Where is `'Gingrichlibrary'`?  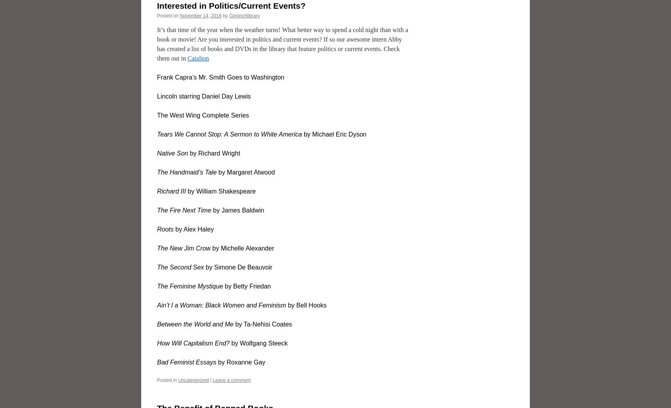 'Gingrichlibrary' is located at coordinates (244, 15).